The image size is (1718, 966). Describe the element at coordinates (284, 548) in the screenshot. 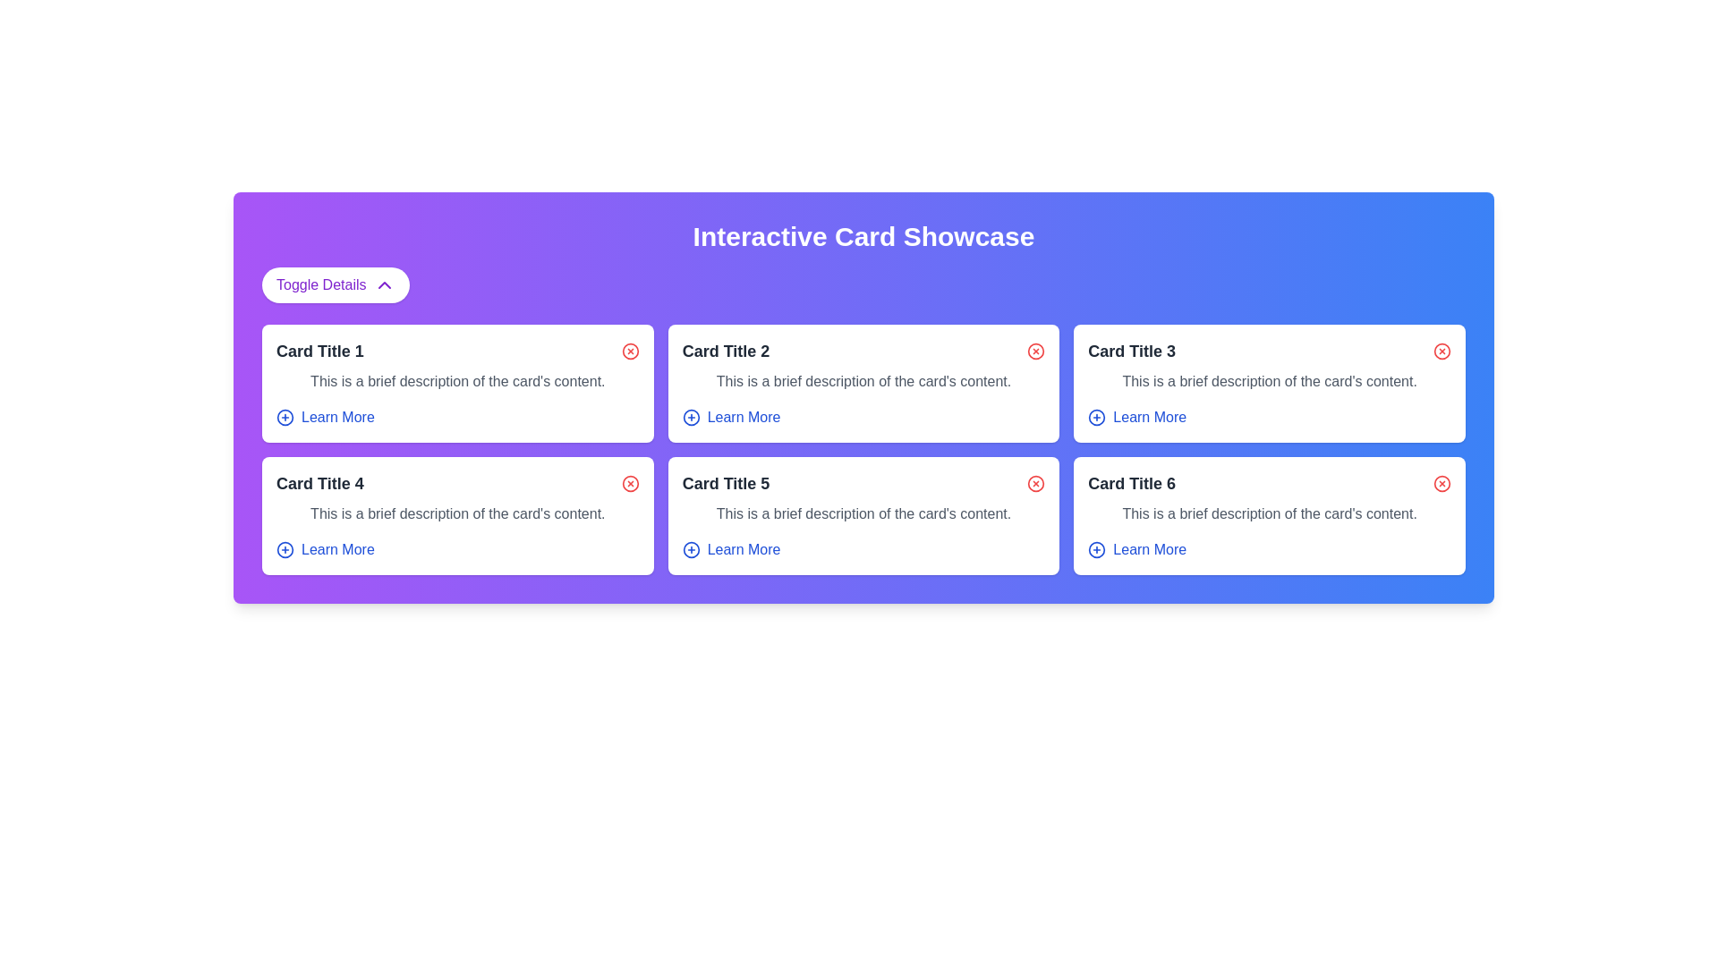

I see `the expandable icon (SVG) located before the 'Learn More' text link in 'Card Title 4'` at that location.